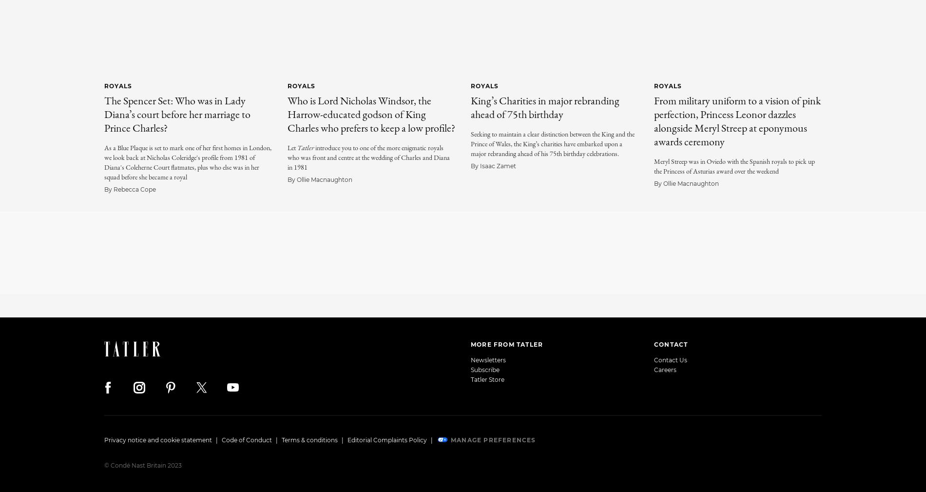  What do you see at coordinates (664, 369) in the screenshot?
I see `'Careers'` at bounding box center [664, 369].